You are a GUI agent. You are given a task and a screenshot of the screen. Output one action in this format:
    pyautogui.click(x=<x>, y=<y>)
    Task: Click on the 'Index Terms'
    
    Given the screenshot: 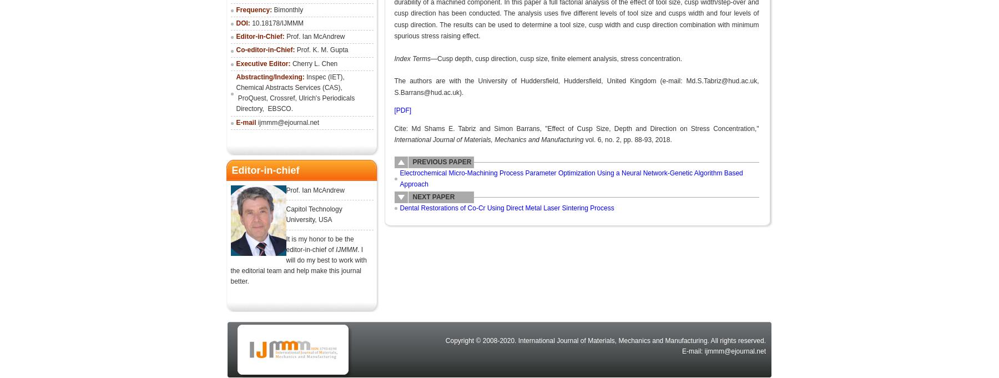 What is the action you would take?
    pyautogui.click(x=412, y=58)
    